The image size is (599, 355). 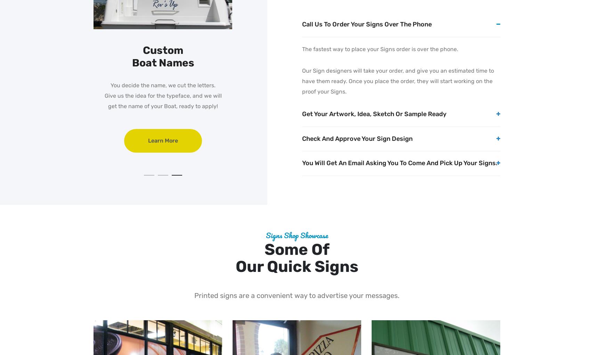 What do you see at coordinates (122, 50) in the screenshot?
I see `'Business Hours'` at bounding box center [122, 50].